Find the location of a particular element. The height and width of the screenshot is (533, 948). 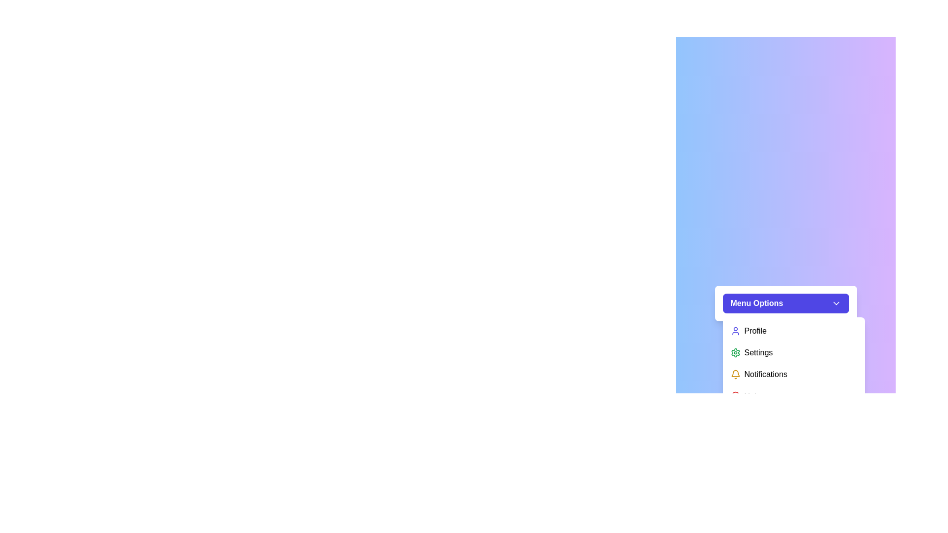

the 'Profile' menu item, which is the first item in the dropdown menu located directly below the 'Menu Options' button is located at coordinates (793, 331).